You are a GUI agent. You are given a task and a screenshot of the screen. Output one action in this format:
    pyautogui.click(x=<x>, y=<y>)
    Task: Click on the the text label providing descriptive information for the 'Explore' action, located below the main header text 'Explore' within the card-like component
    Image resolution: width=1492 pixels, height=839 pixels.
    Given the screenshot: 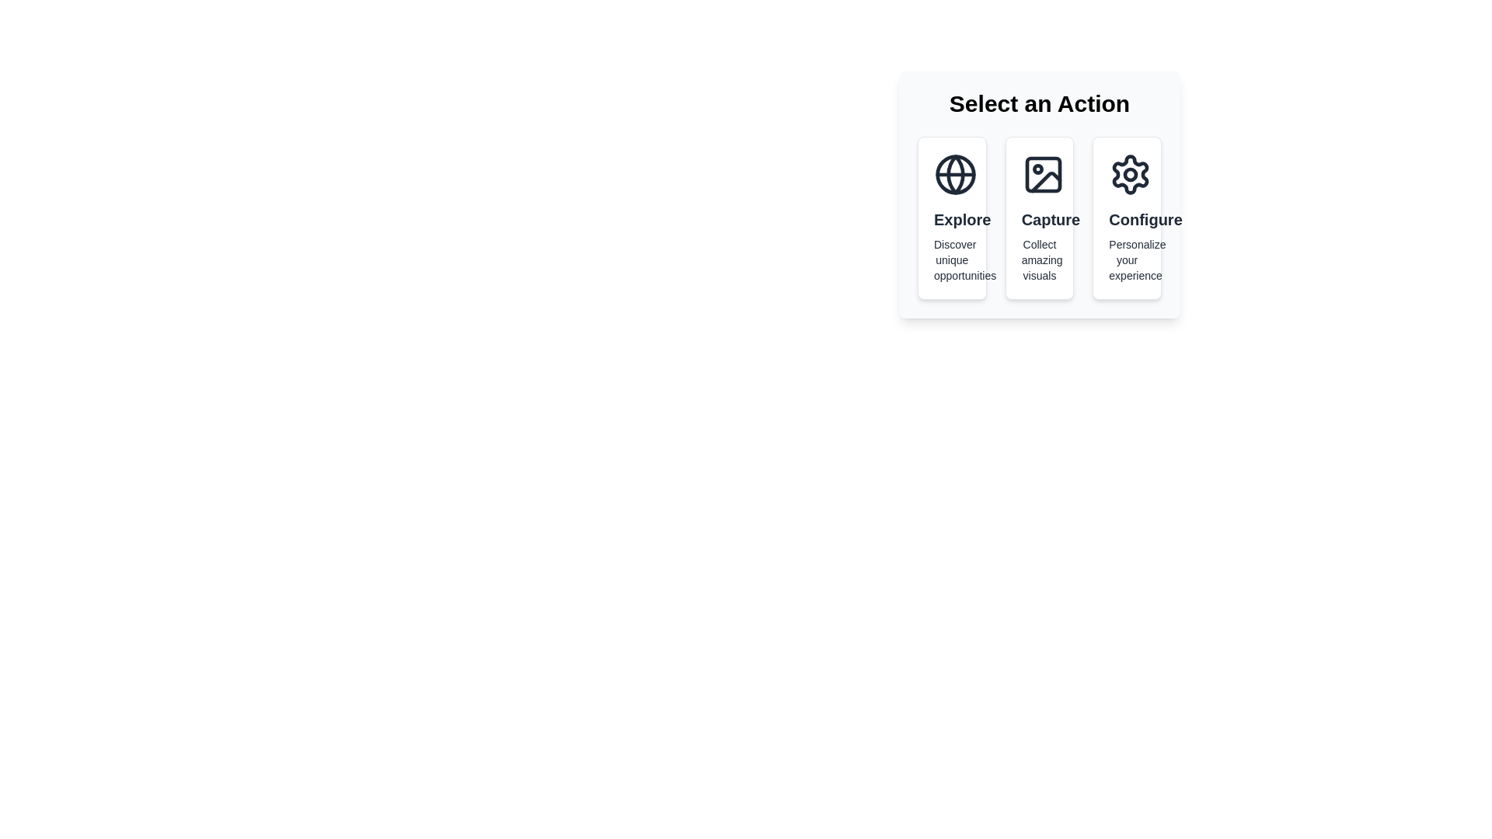 What is the action you would take?
    pyautogui.click(x=951, y=259)
    